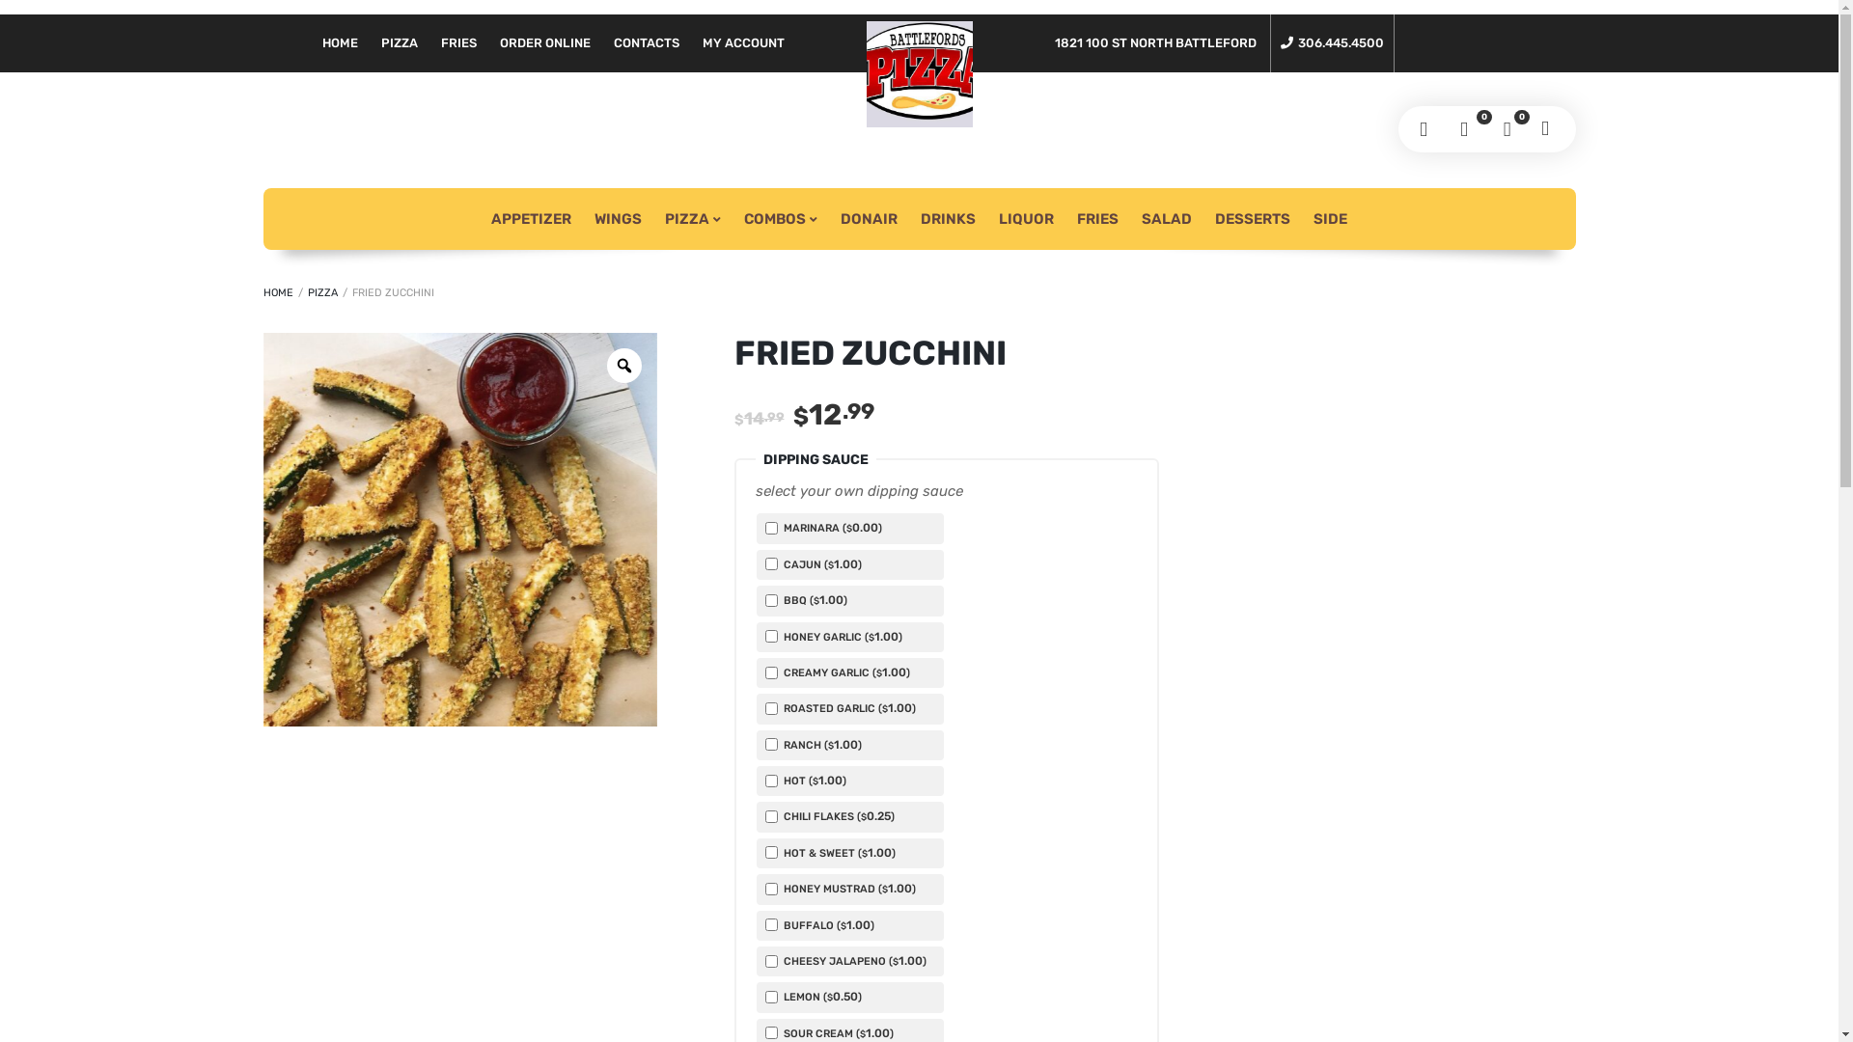  I want to click on '0', so click(1467, 129).